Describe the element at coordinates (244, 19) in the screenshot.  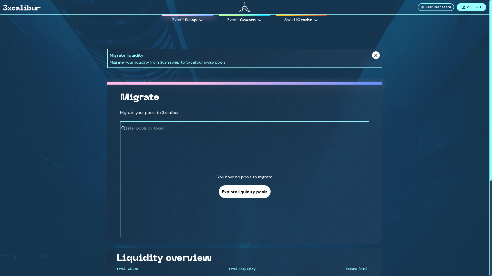
I see `'3xcaliGovern'` at that location.